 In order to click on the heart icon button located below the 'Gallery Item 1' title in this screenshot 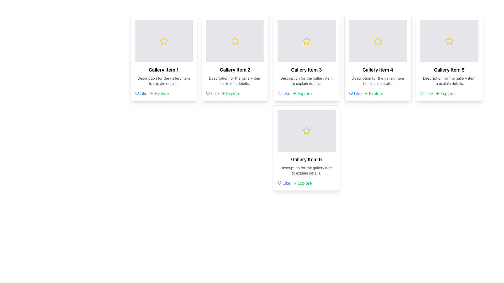, I will do `click(136, 93)`.